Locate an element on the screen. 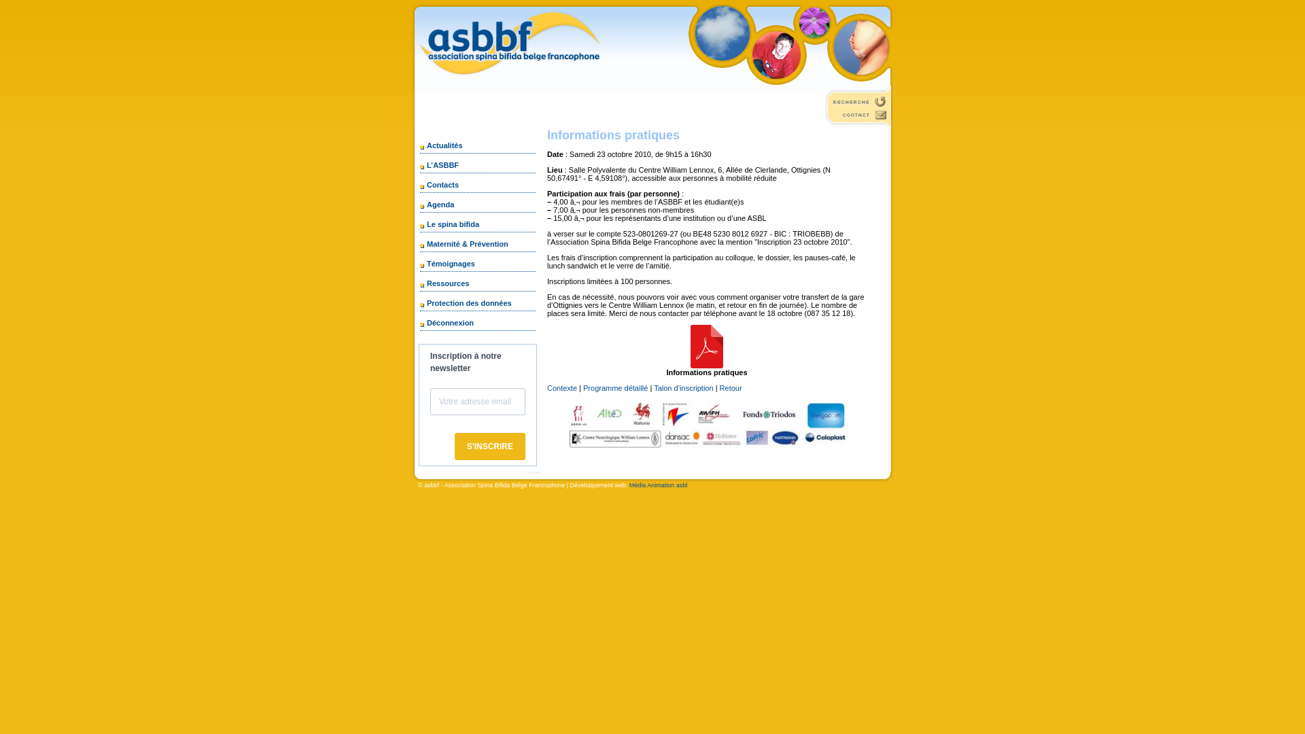 The width and height of the screenshot is (1305, 734). 'Contacts' is located at coordinates (440, 185).